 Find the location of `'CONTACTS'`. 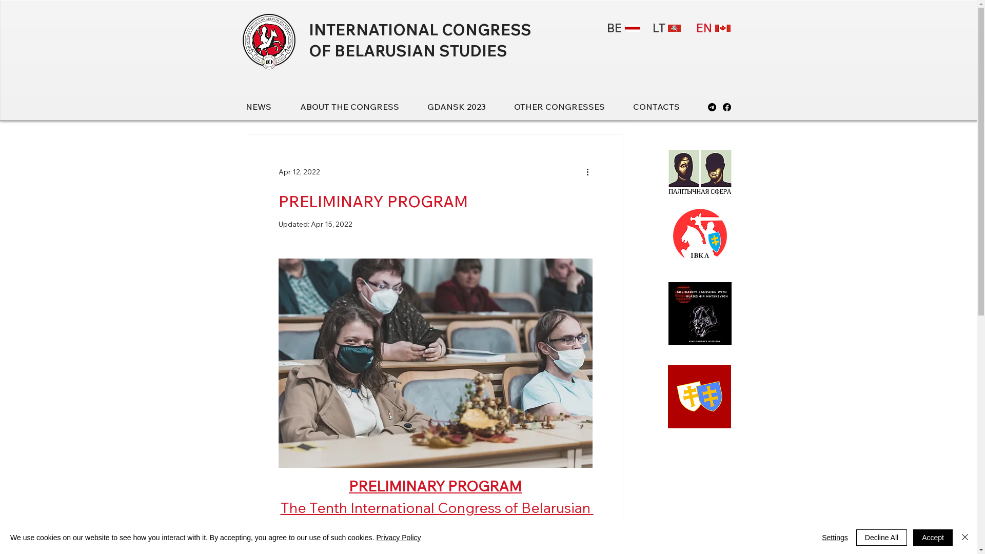

'CONTACTS' is located at coordinates (665, 107).